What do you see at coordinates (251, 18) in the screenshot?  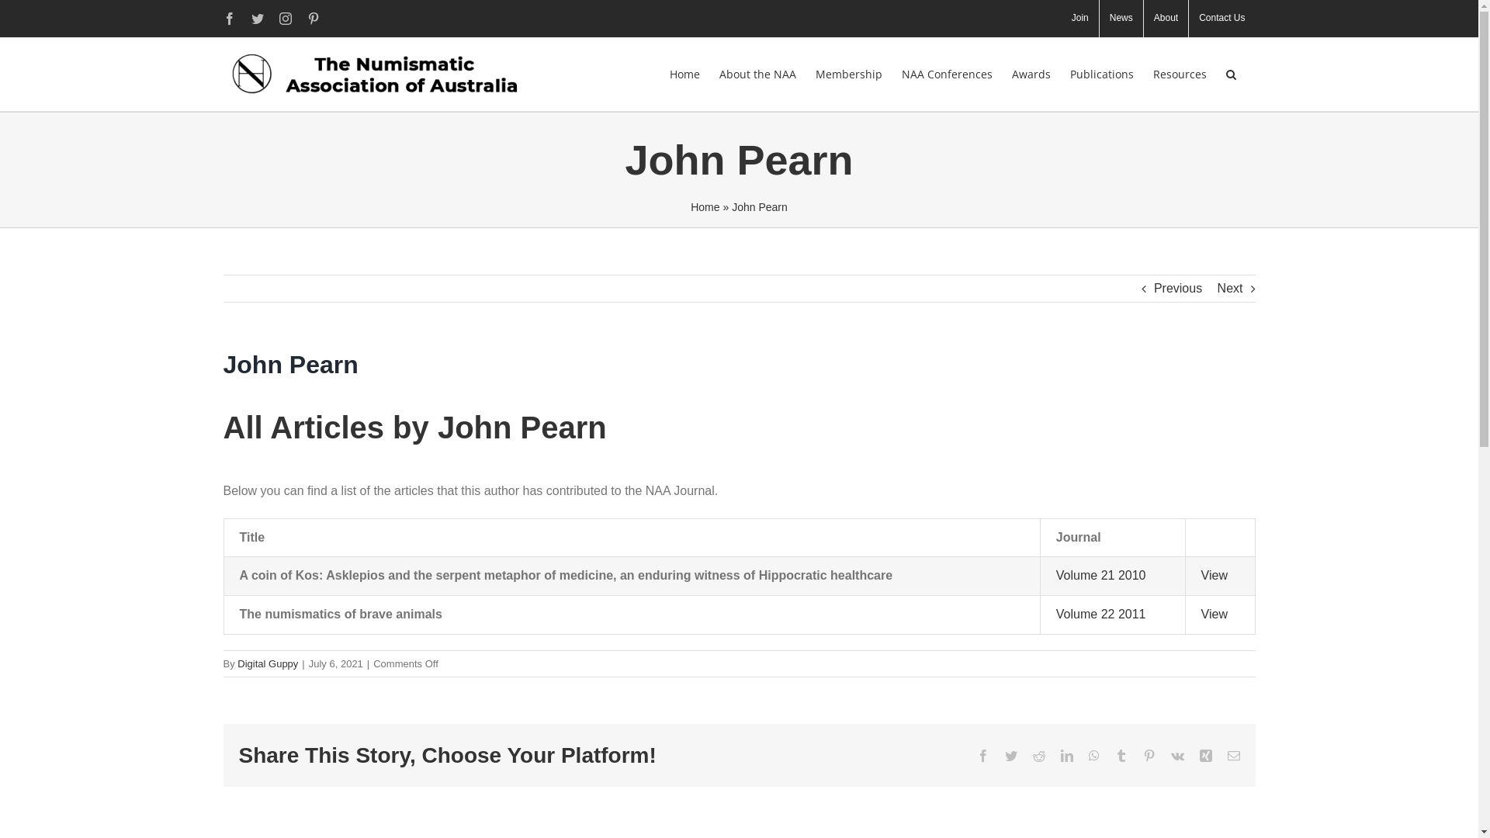 I see `'Twitter'` at bounding box center [251, 18].